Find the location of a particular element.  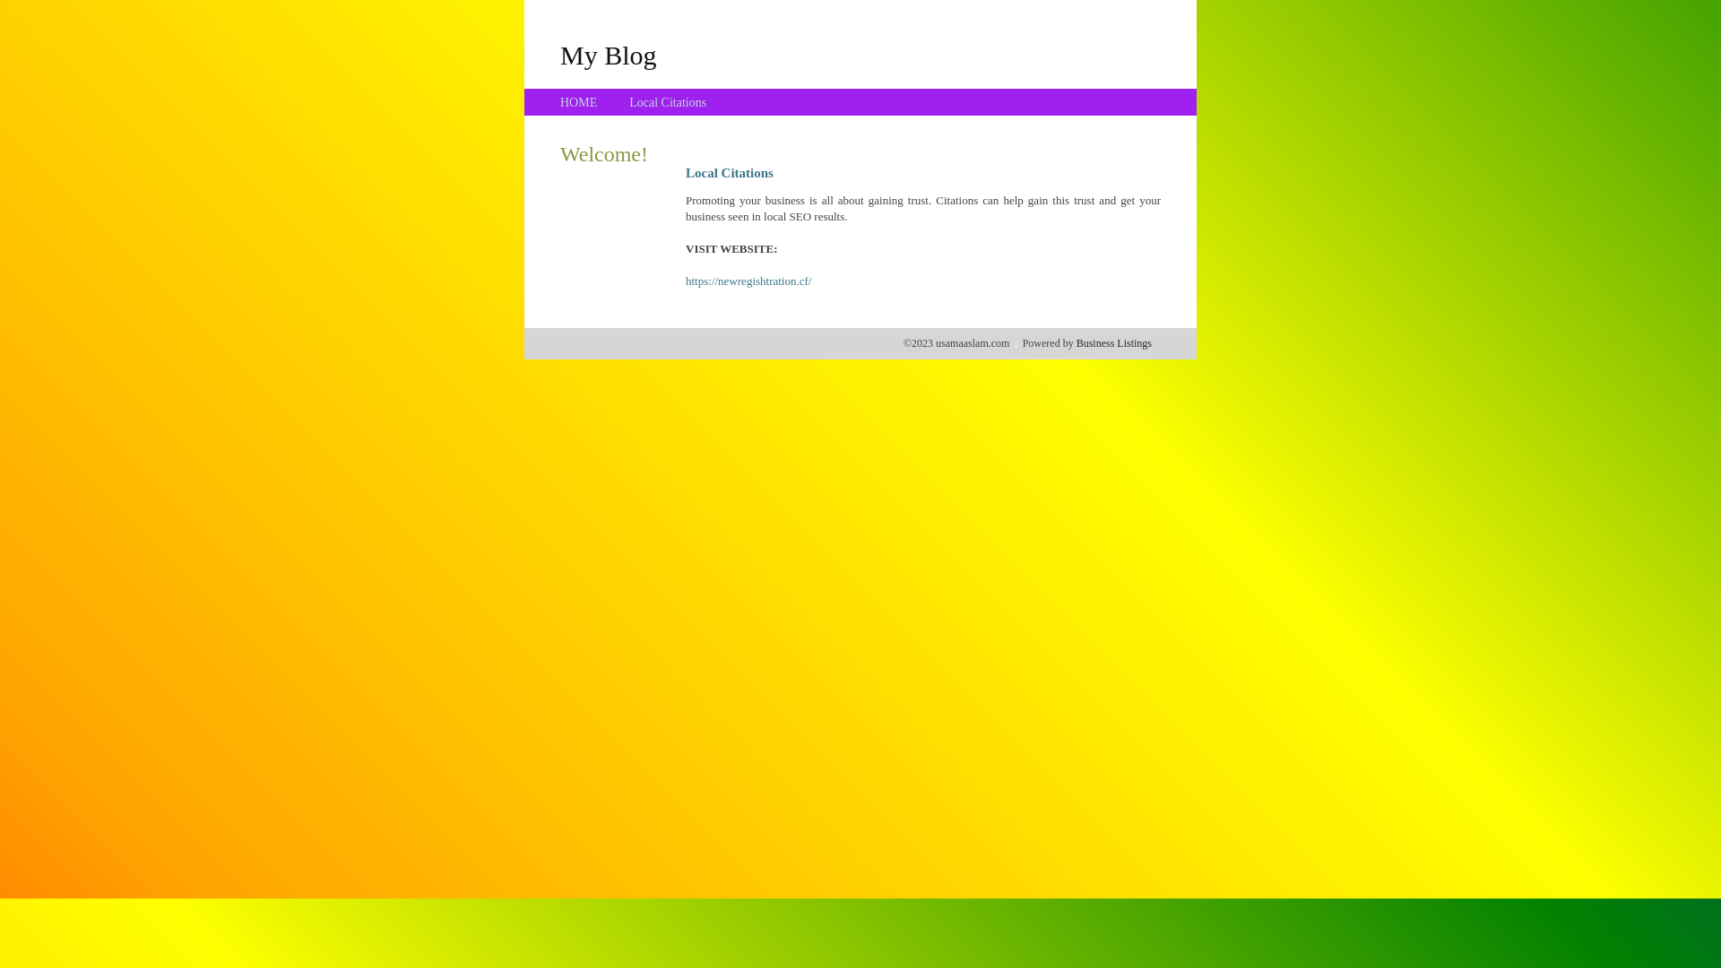

'HOME' is located at coordinates (558, 102).